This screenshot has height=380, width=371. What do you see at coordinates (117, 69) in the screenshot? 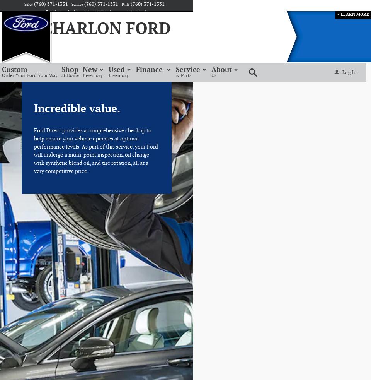
I see `'Used'` at bounding box center [117, 69].